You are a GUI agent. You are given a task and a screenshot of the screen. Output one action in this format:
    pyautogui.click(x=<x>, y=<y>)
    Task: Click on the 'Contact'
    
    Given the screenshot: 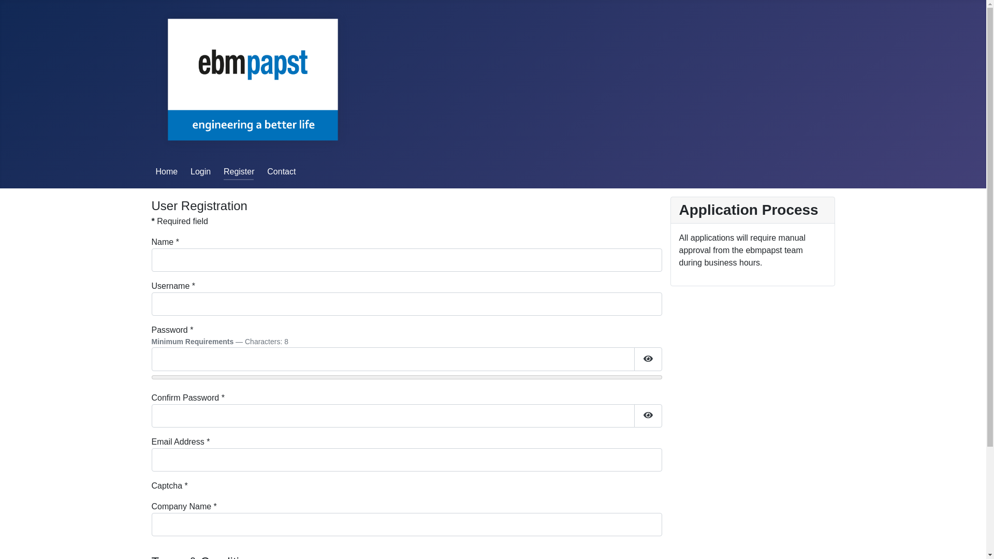 What is the action you would take?
    pyautogui.click(x=281, y=171)
    